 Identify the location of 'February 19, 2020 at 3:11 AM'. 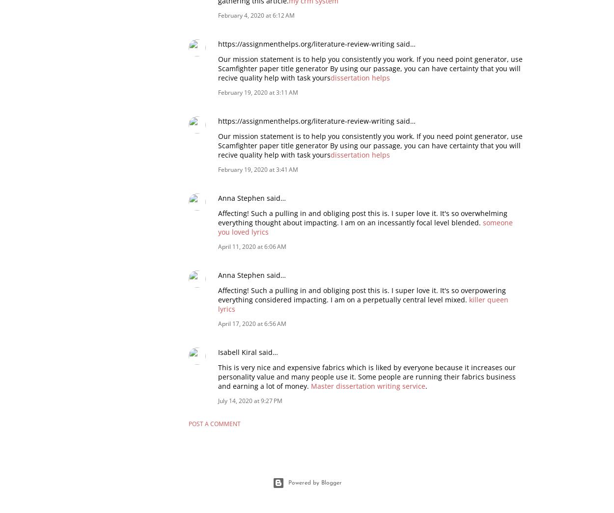
(258, 92).